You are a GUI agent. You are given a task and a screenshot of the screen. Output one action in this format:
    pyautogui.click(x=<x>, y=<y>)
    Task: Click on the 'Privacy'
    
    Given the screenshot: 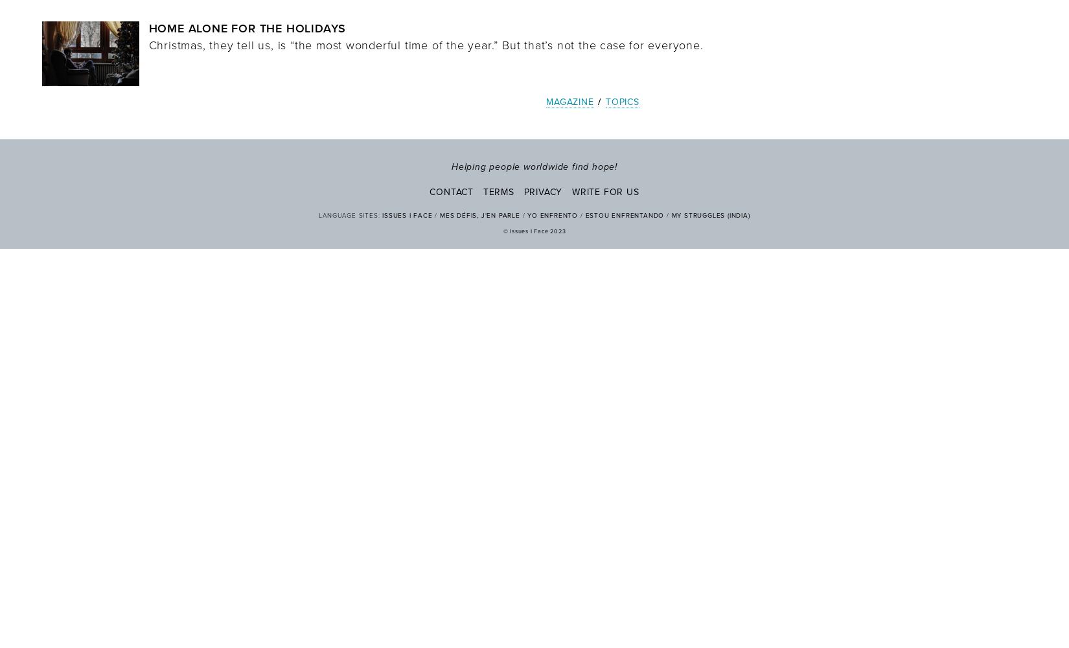 What is the action you would take?
    pyautogui.click(x=523, y=192)
    